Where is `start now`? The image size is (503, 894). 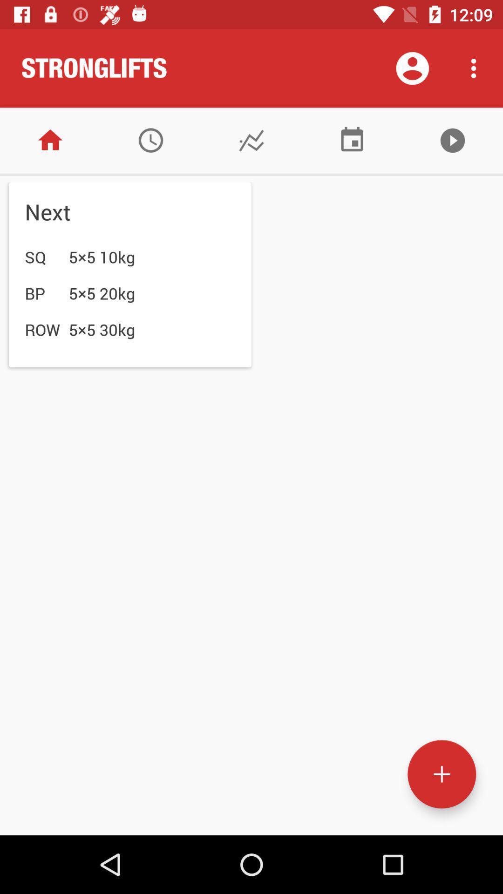
start now is located at coordinates (452, 140).